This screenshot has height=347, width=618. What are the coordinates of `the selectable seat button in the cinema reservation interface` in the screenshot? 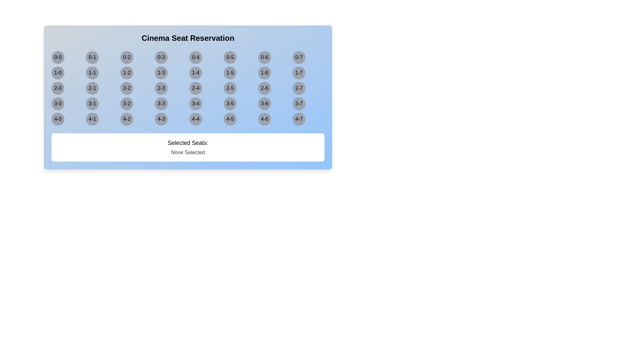 It's located at (126, 73).